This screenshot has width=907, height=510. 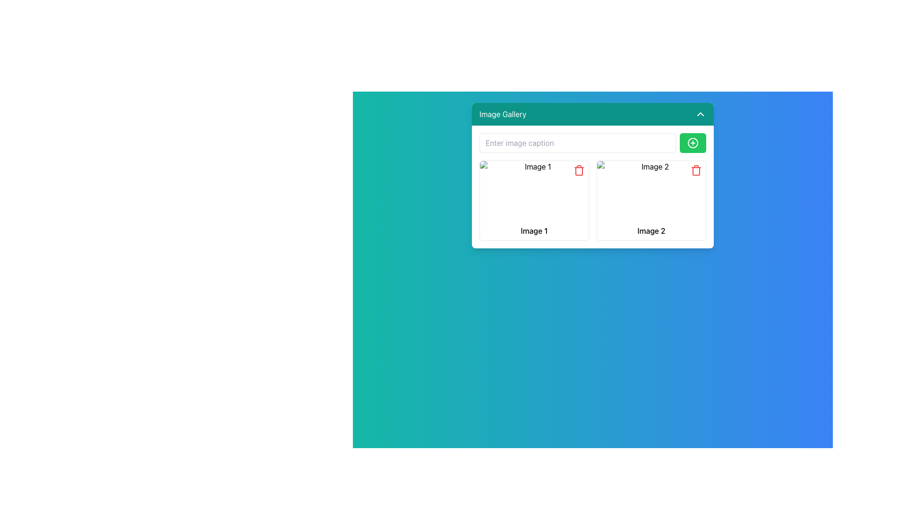 What do you see at coordinates (693, 143) in the screenshot?
I see `the Decorative SVG Circle in the Button located at the top-right corner of the 'Image Gallery' card interface` at bounding box center [693, 143].